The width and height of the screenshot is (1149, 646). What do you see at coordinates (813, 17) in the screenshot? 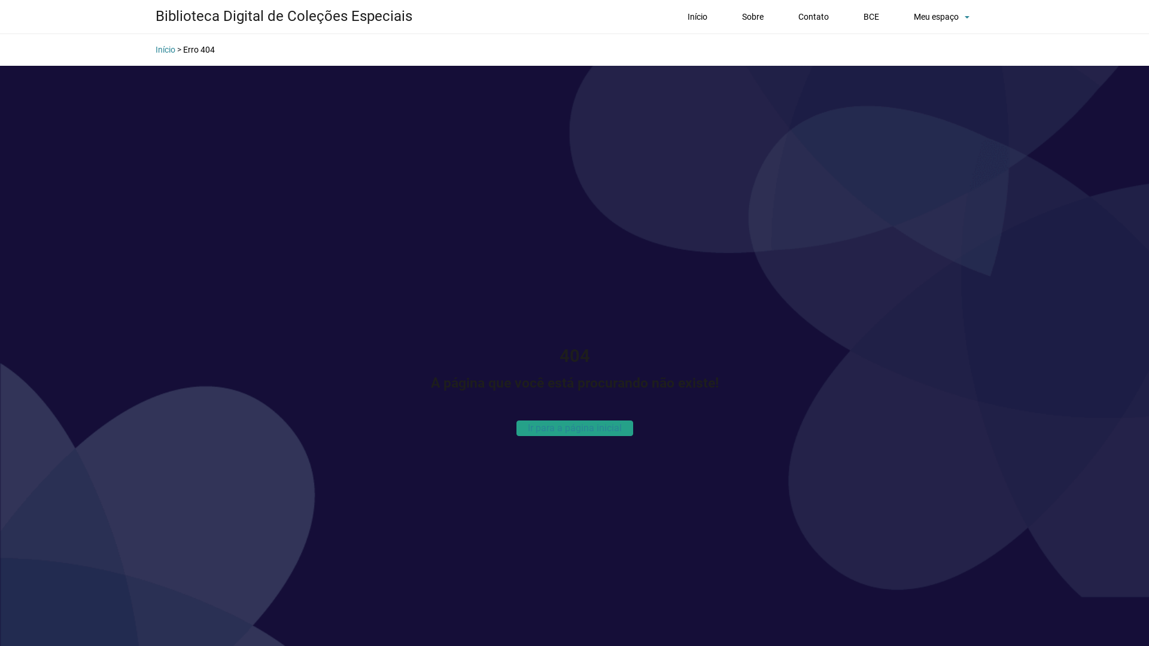
I see `'Contato'` at bounding box center [813, 17].